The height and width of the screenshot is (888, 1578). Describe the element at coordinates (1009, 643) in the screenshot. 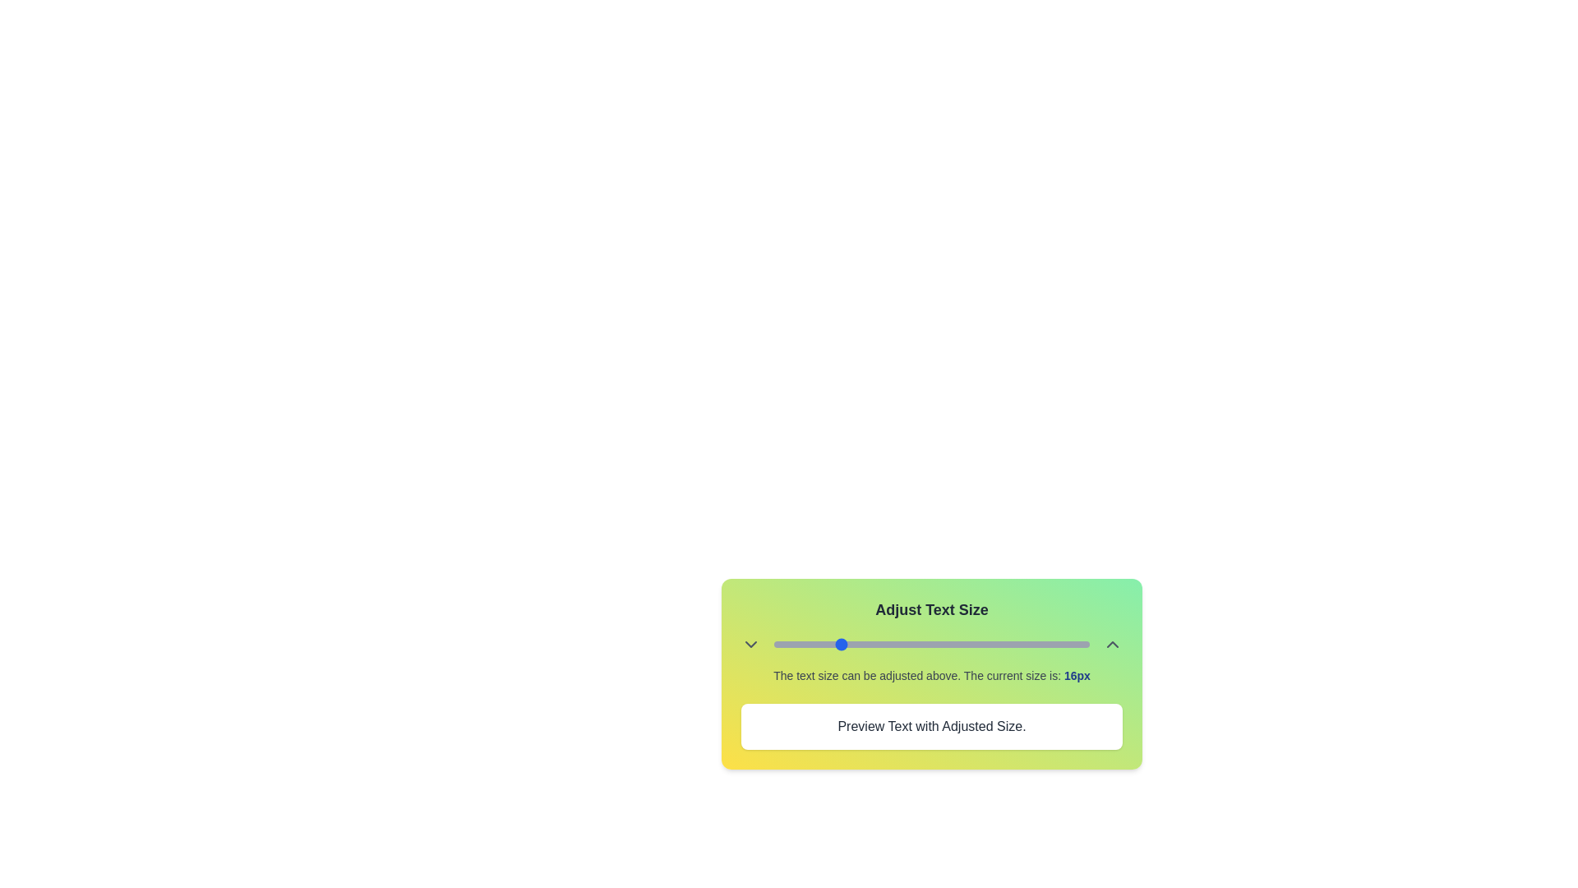

I see `the text size to 38px using the slider` at that location.